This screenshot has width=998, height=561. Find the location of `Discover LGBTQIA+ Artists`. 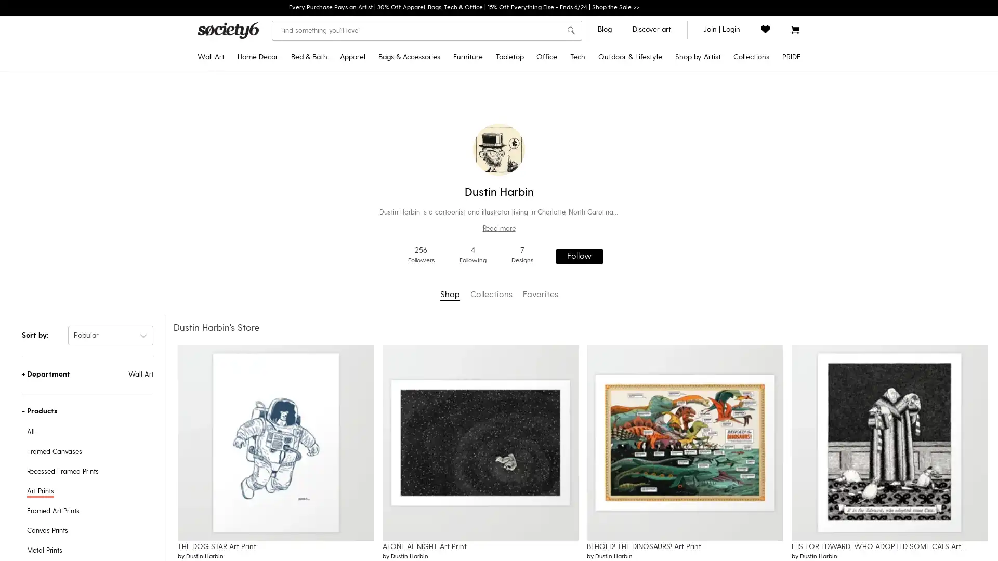

Discover LGBTQIA+ Artists is located at coordinates (669, 166).